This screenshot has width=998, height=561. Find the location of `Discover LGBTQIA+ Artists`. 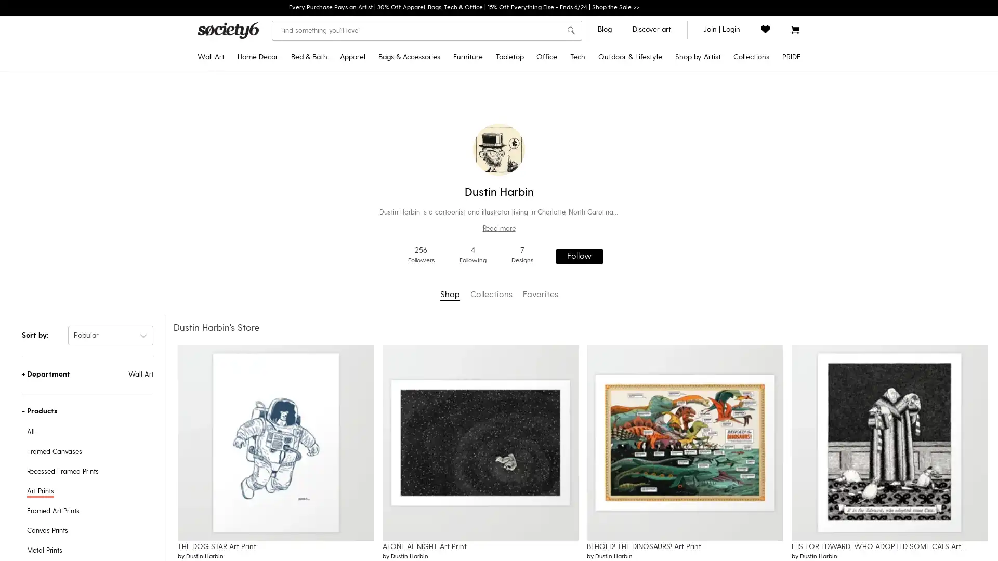

Discover LGBTQIA+ Artists is located at coordinates (669, 166).